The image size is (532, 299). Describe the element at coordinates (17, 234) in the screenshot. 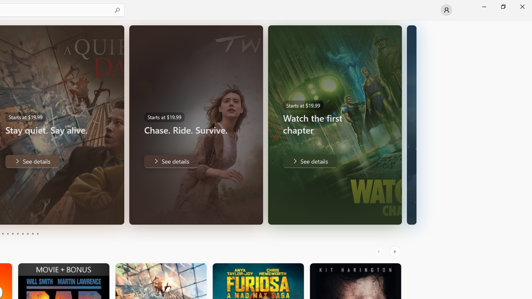

I see `'Page 6'` at that location.